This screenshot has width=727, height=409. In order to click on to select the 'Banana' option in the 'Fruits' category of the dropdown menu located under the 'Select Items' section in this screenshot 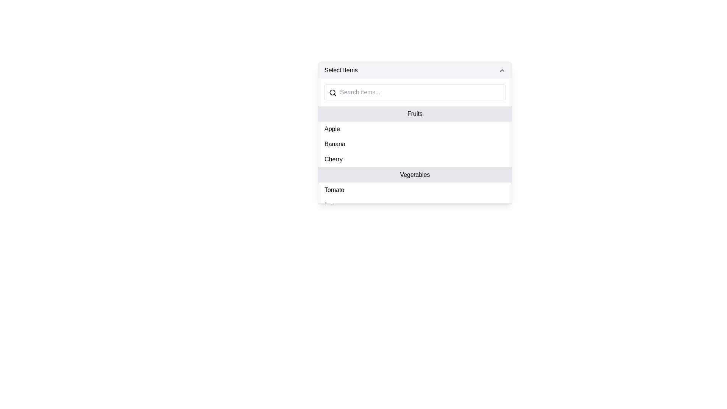, I will do `click(414, 140)`.